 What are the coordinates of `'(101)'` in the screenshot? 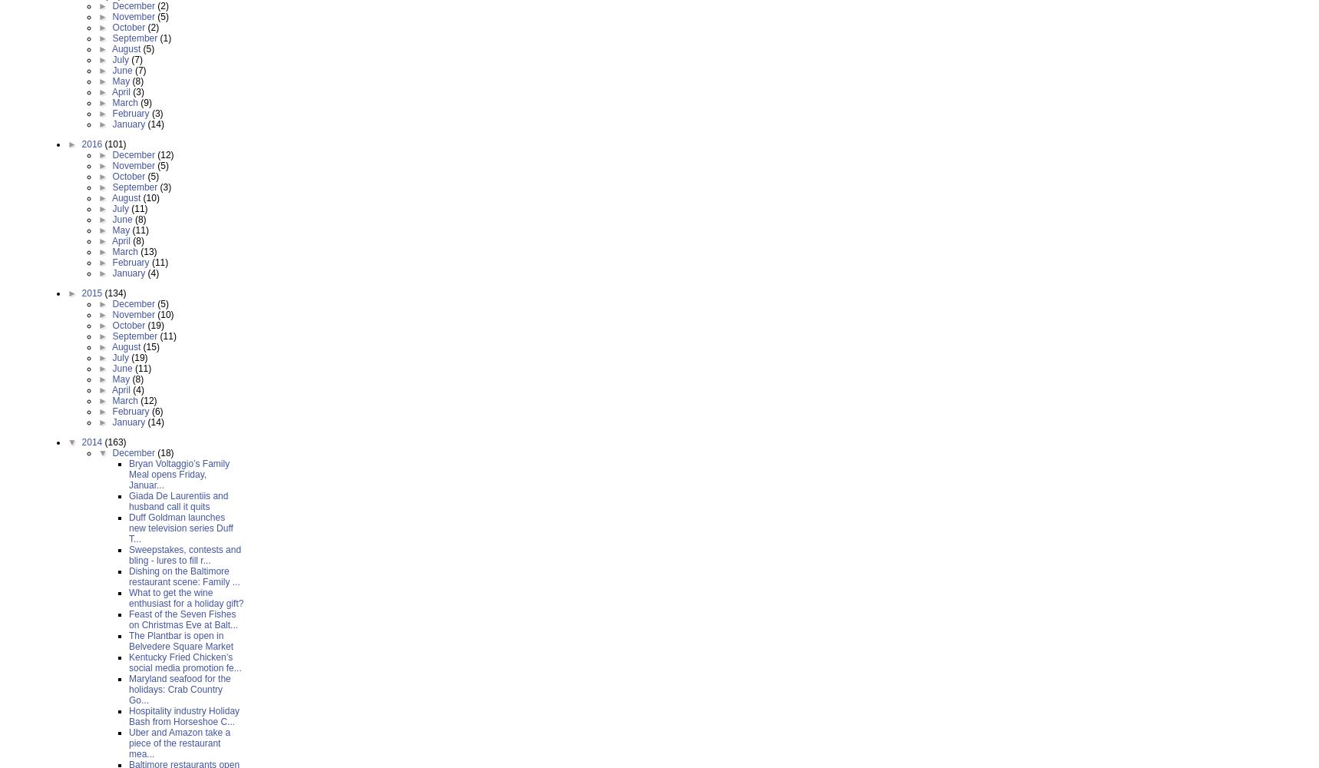 It's located at (104, 144).